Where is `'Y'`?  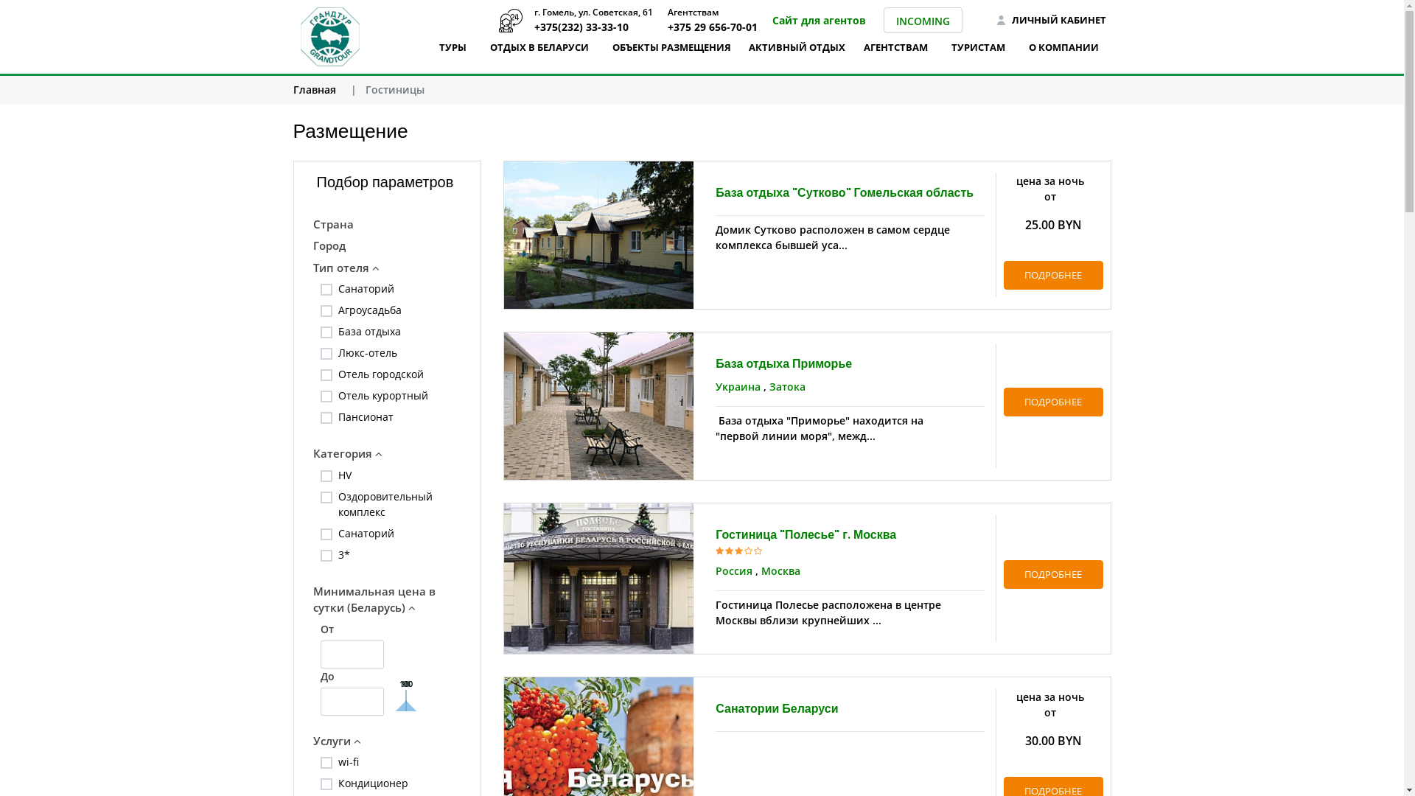 'Y' is located at coordinates (341, 779).